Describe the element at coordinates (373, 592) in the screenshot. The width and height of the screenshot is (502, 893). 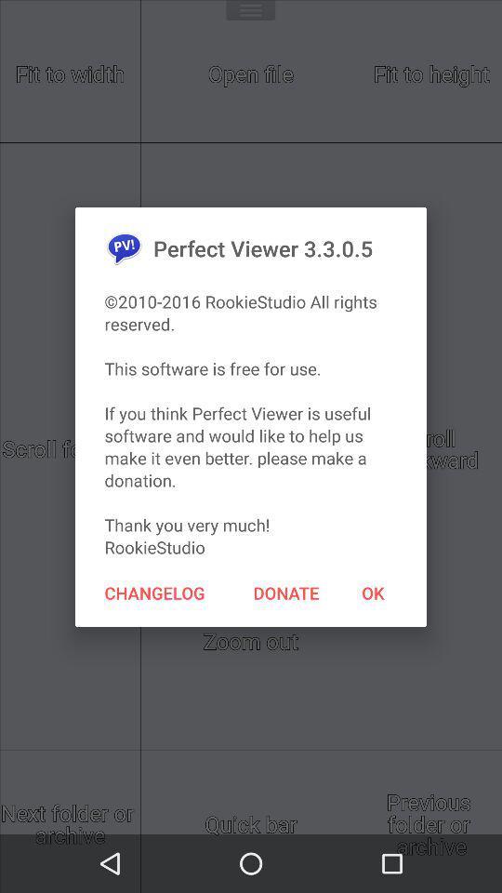
I see `the icon next to donate icon` at that location.